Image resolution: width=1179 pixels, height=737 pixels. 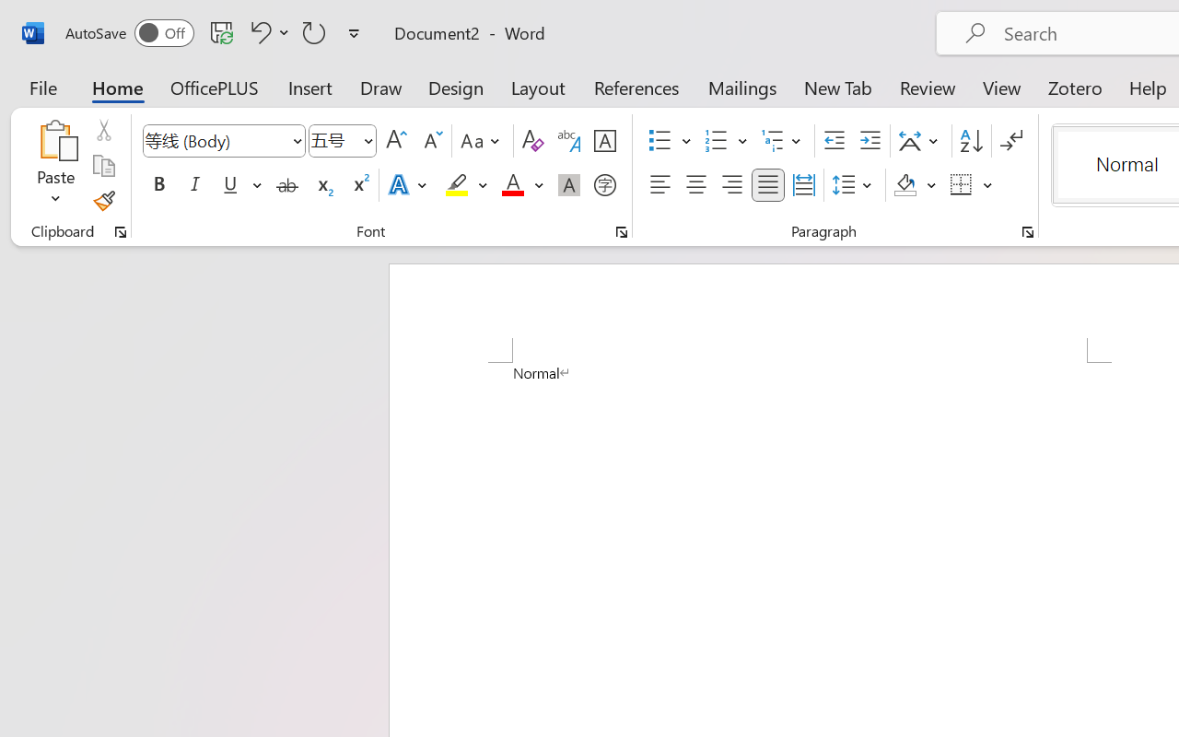 What do you see at coordinates (604, 185) in the screenshot?
I see `'Enclose Characters...'` at bounding box center [604, 185].